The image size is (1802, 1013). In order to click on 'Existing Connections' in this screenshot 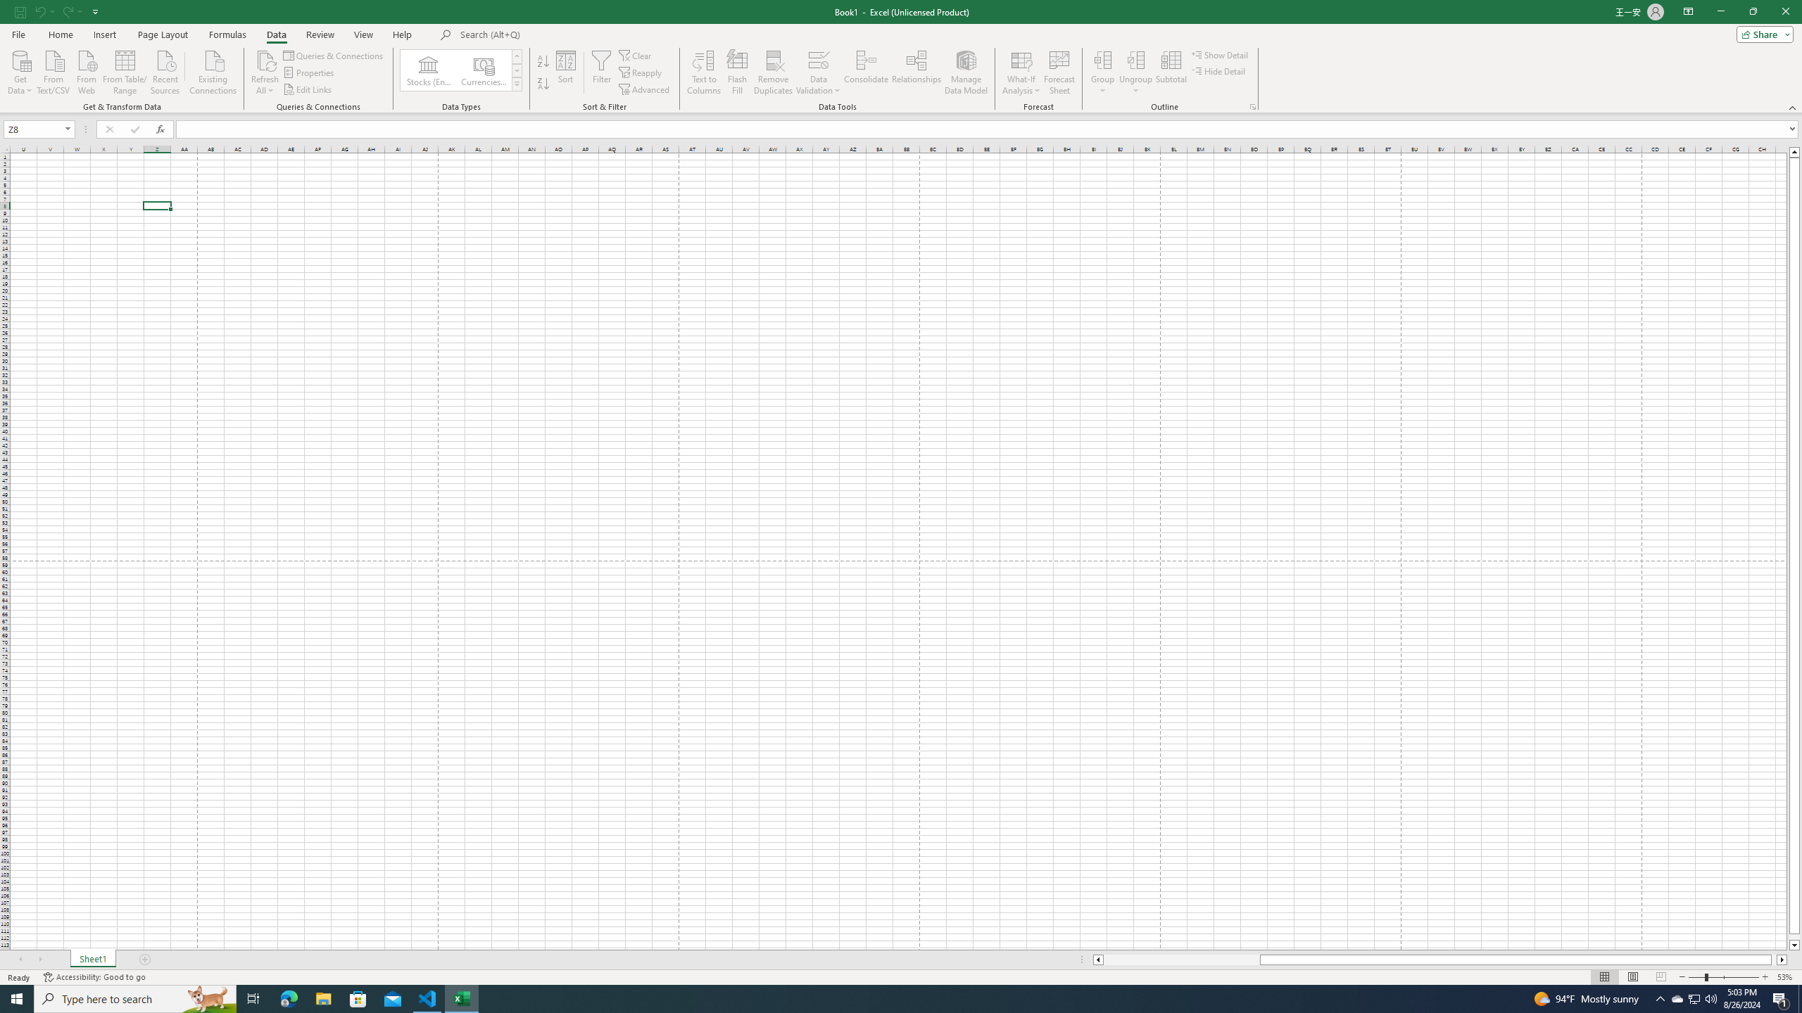, I will do `click(212, 70)`.